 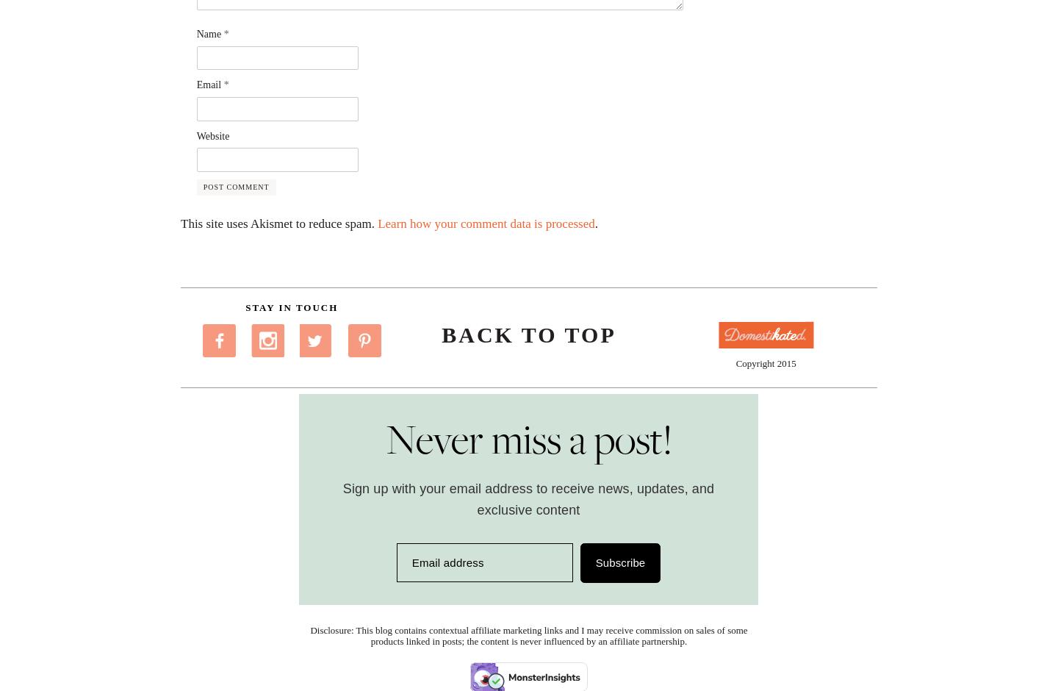 I want to click on 'Disclosure: This blog contains contextual affiliate marketing links and I may receive commission on sales of some products linked in posts; the content is never influenced by an affiliate partnership.', so click(x=528, y=635).